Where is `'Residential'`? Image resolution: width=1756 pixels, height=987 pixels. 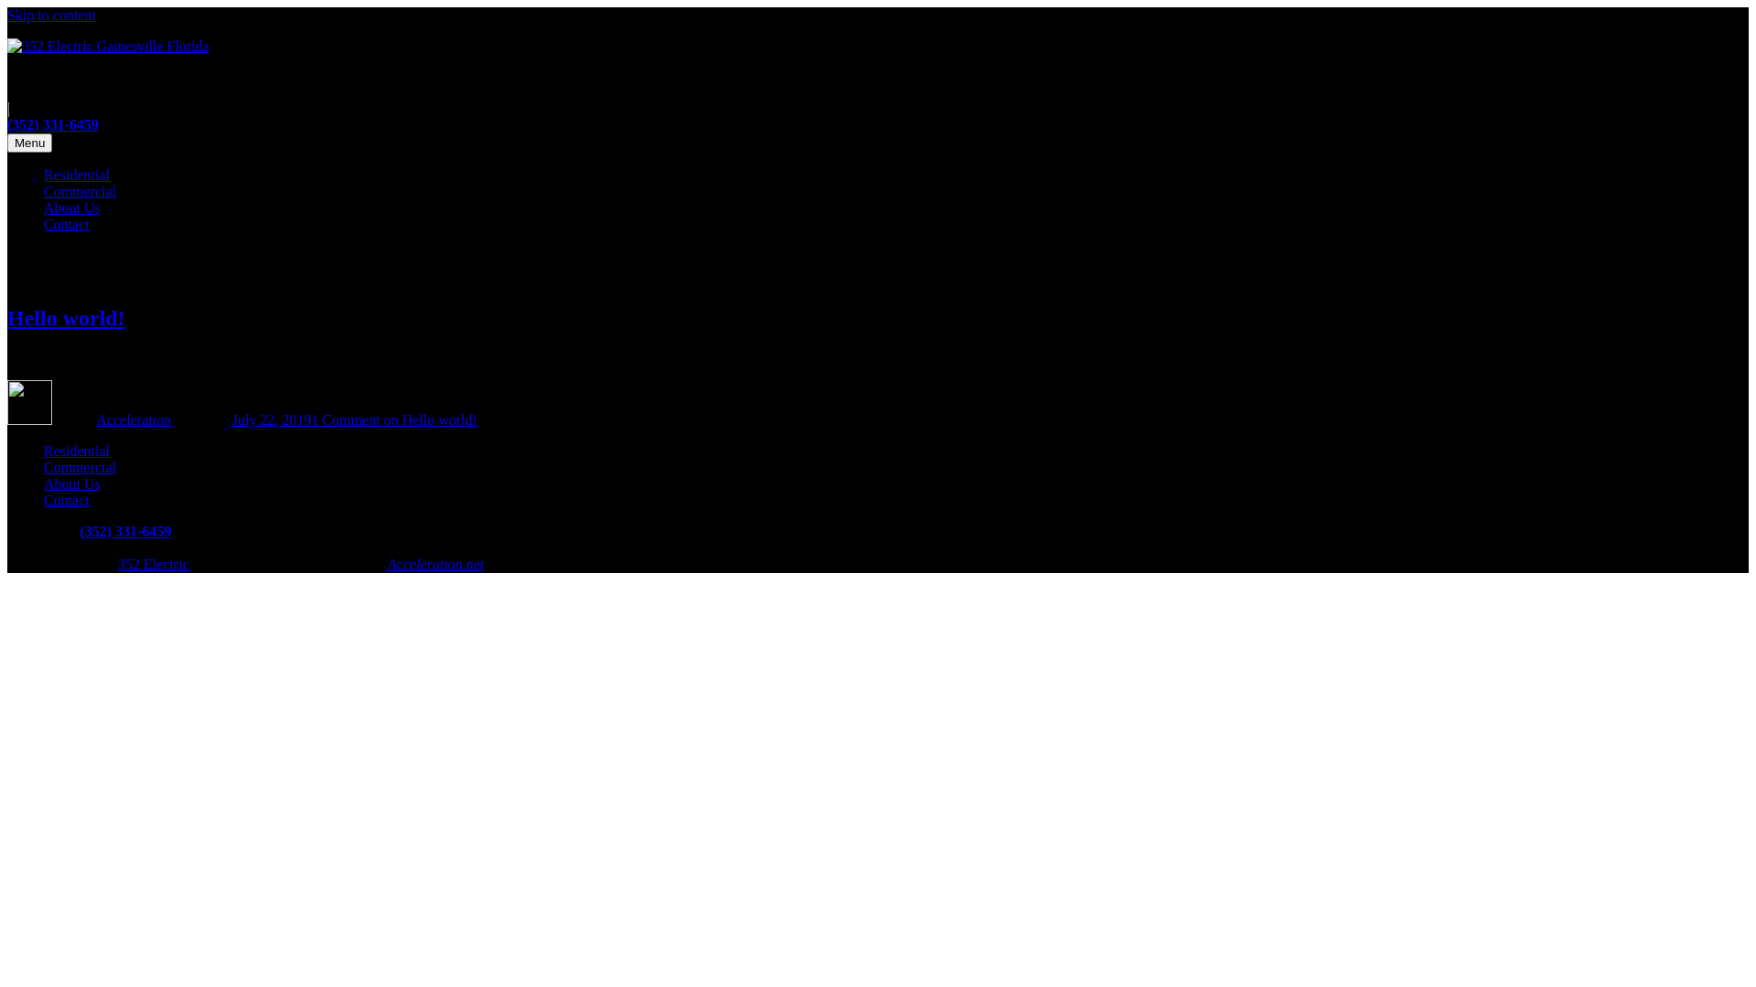
'Residential' is located at coordinates (75, 451).